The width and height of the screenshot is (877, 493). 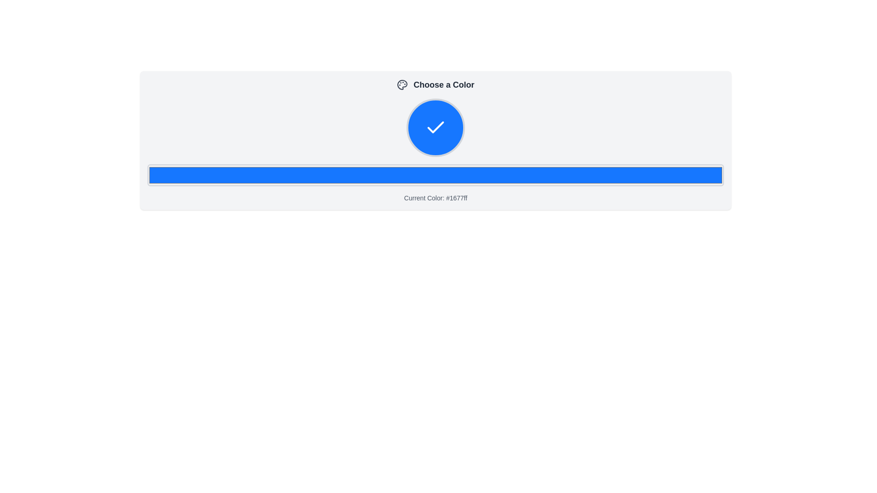 I want to click on the circular button with a bright blue background and a white check mark in its center, located below the 'Choose a Color' label, so click(x=435, y=128).